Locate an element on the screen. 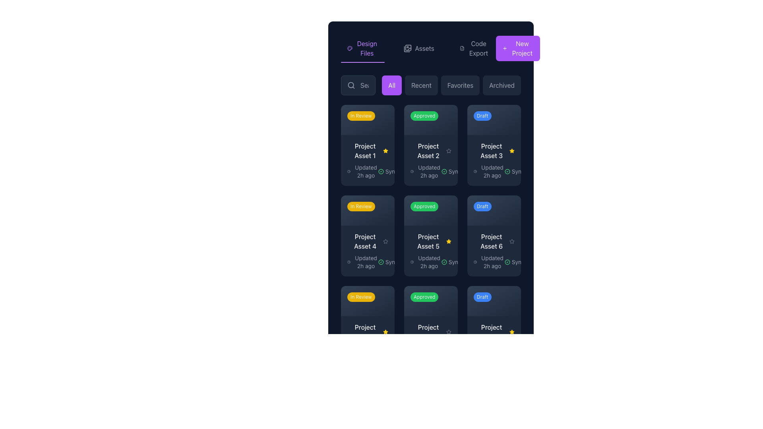  the Status Label displaying 'Approved' with a green background located in the top section of the 'Project Asset 2' card is located at coordinates (430, 120).